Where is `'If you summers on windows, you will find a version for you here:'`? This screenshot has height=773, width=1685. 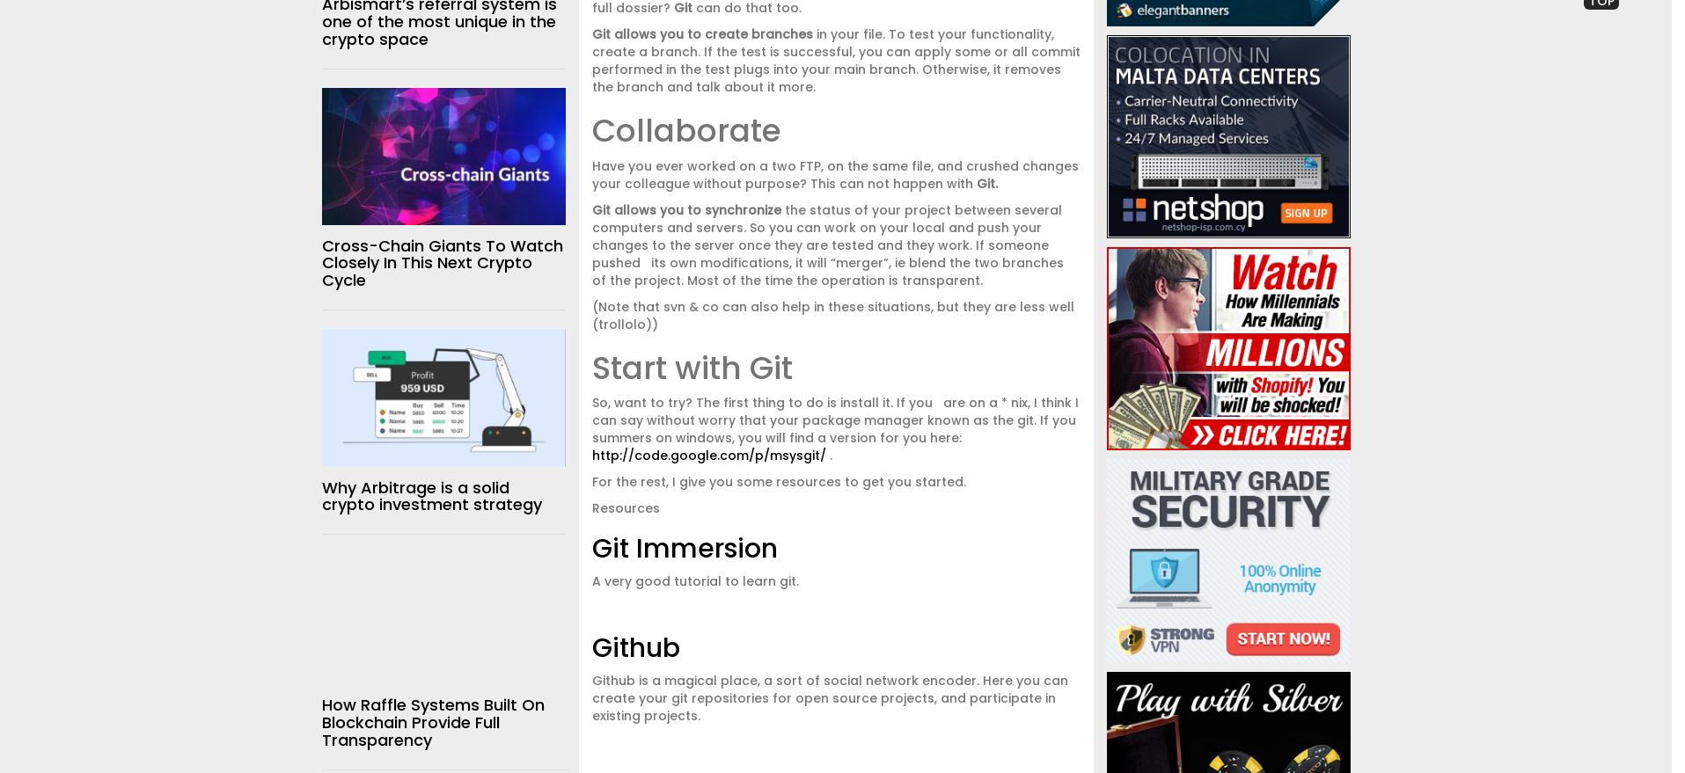 'If you summers on windows, you will find a version for you here:' is located at coordinates (832, 428).